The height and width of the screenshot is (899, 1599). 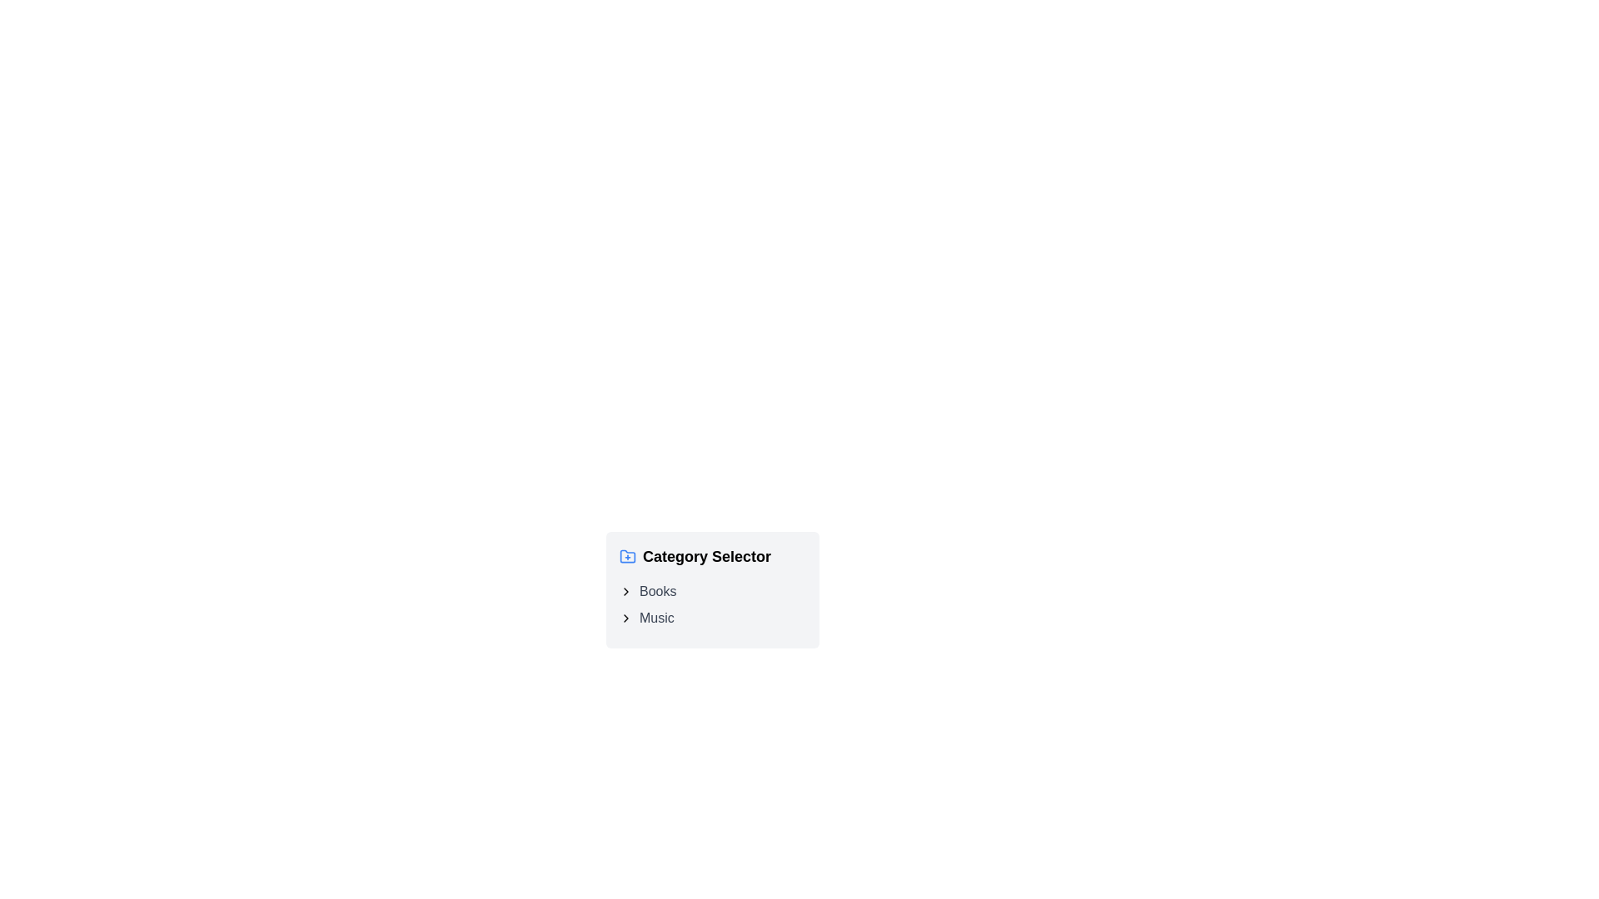 I want to click on the rightward-pointing chevron icon located to the left of the 'Music' text in the category selector, so click(x=625, y=618).